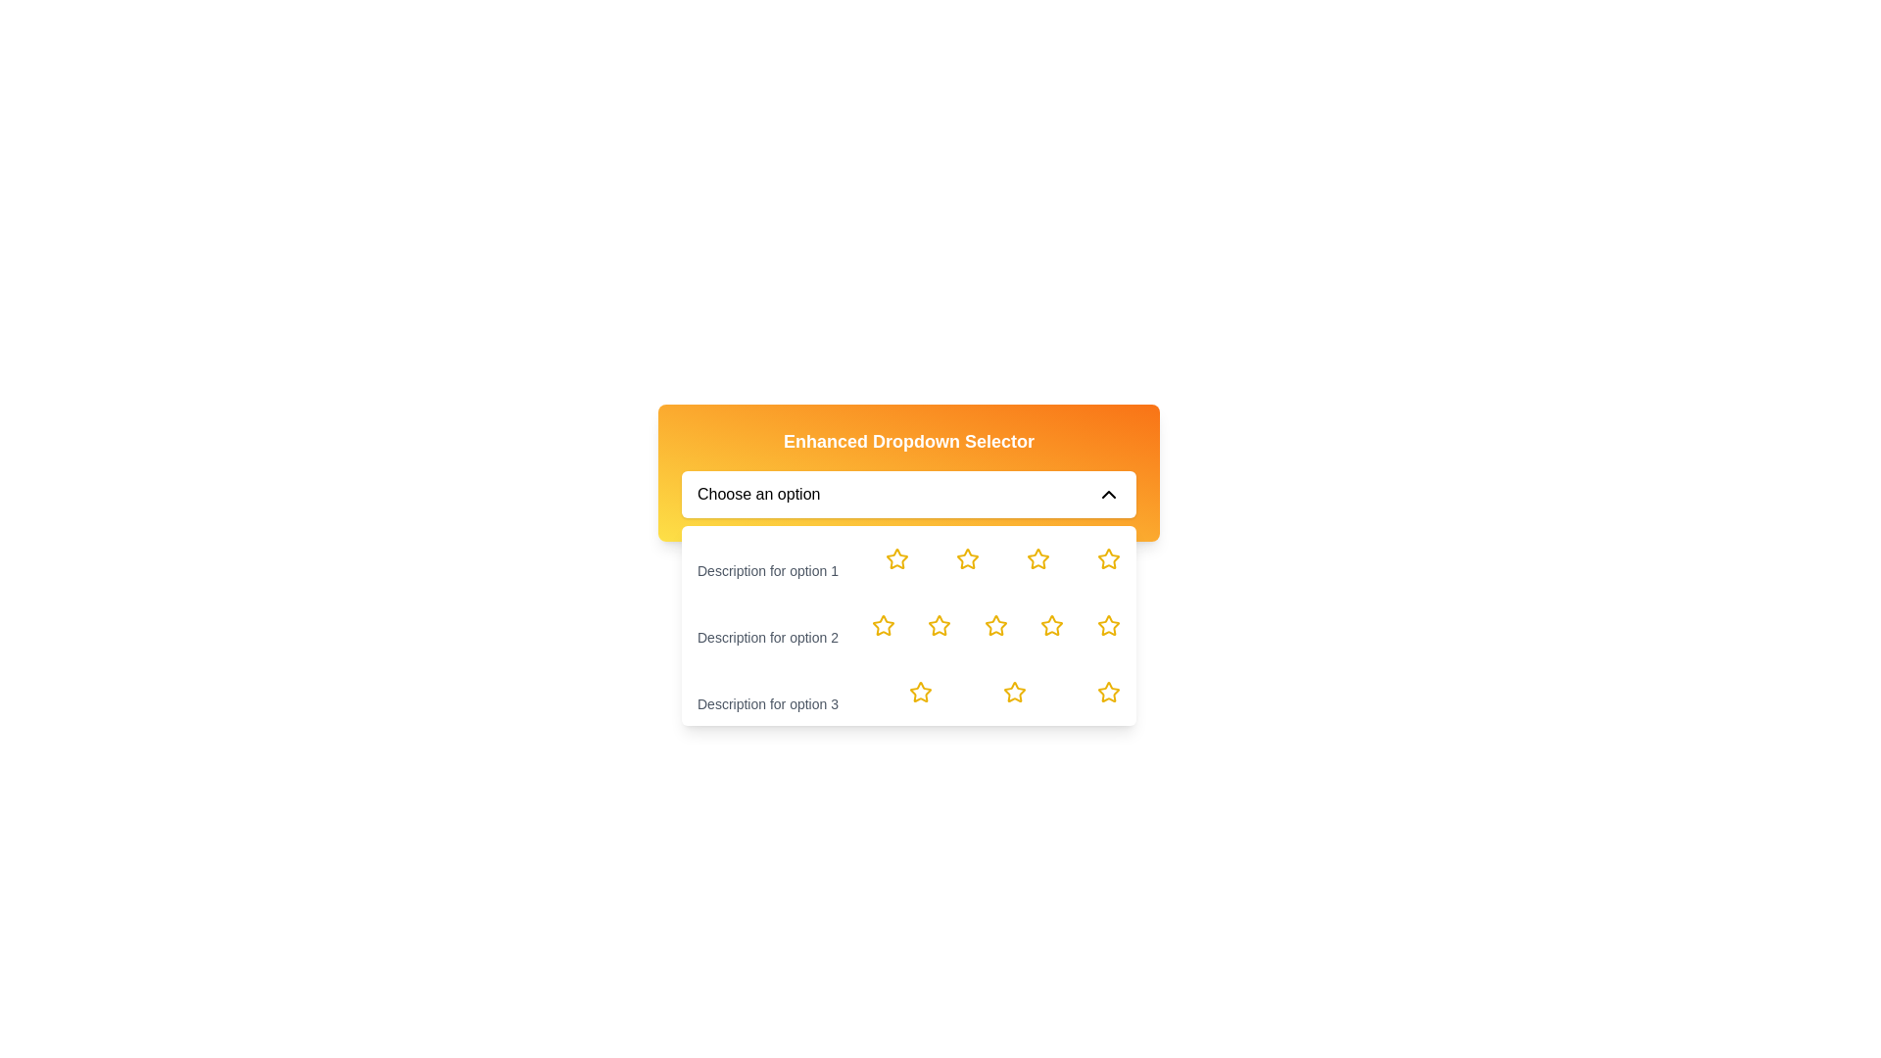 The height and width of the screenshot is (1058, 1881). I want to click on 'Option 3' in the dropdown menu by clicking on the descriptive text that provides additional information about it, located below the title 'Option 3', so click(766, 702).